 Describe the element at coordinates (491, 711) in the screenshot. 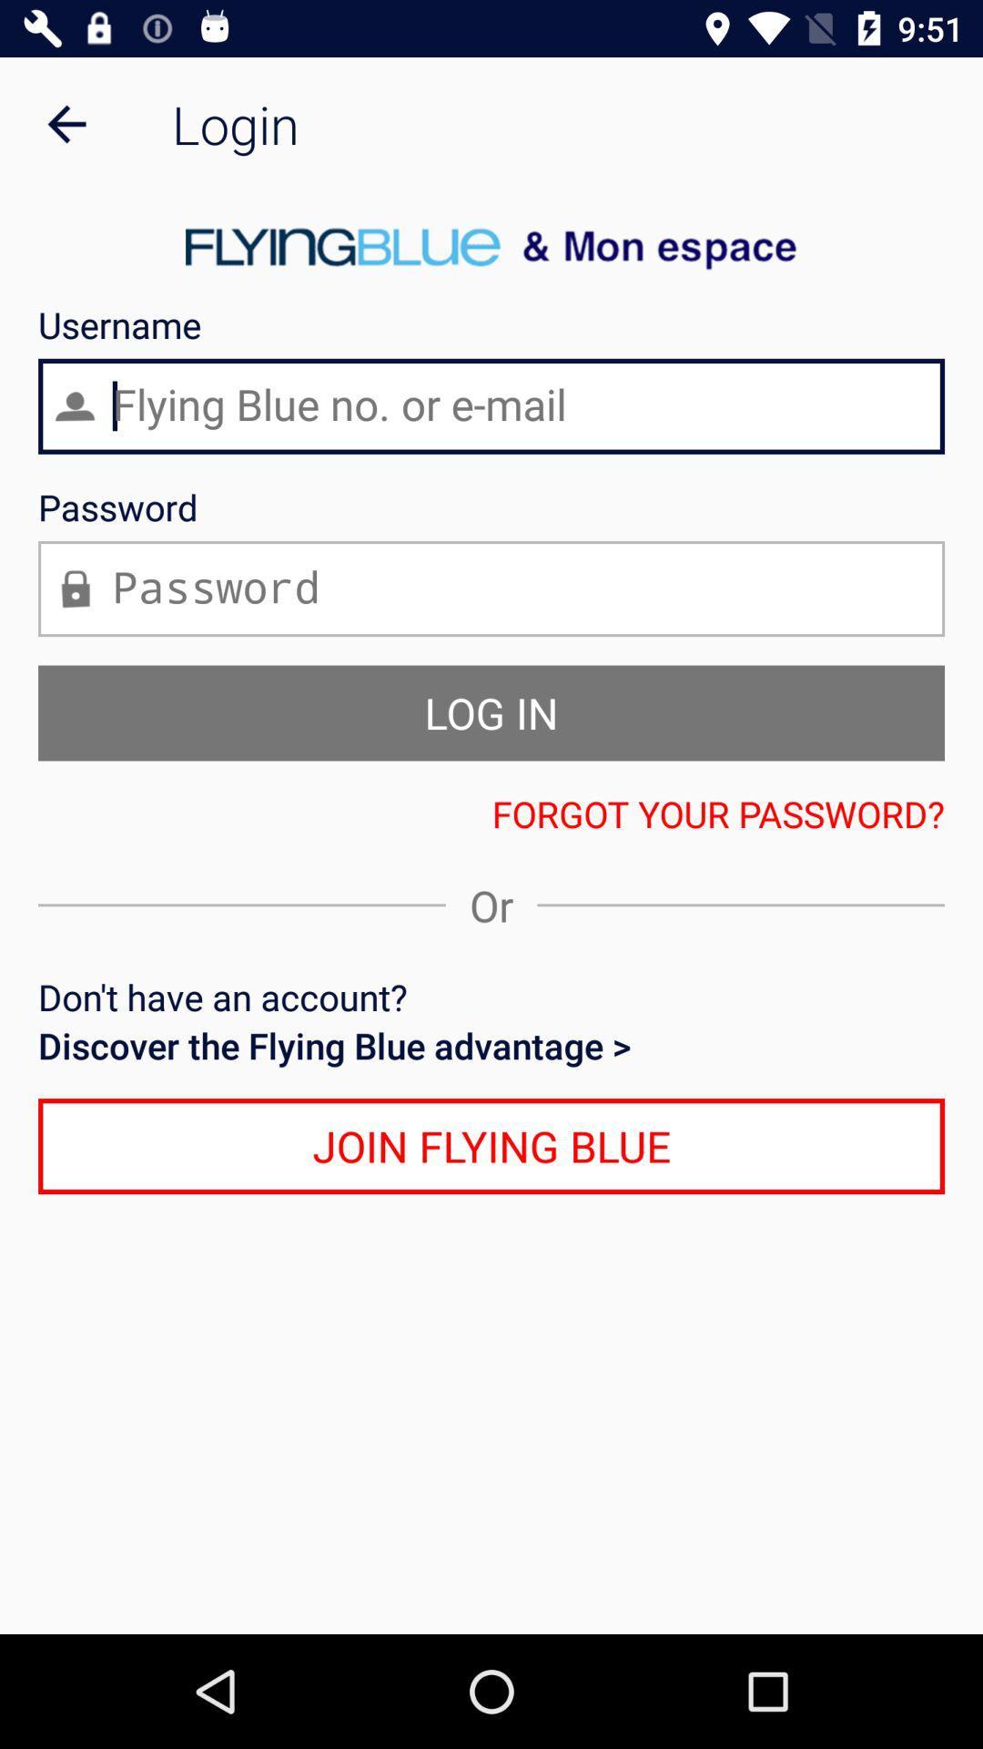

I see `the item above forgot your password?` at that location.